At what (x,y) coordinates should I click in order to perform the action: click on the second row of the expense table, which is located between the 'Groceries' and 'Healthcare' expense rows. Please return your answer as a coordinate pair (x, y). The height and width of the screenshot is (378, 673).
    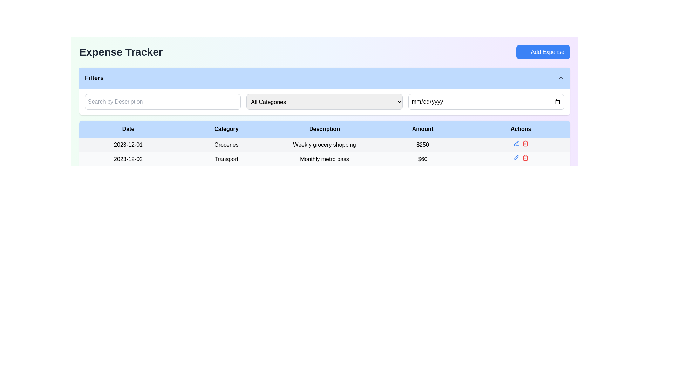
    Looking at the image, I should click on (324, 159).